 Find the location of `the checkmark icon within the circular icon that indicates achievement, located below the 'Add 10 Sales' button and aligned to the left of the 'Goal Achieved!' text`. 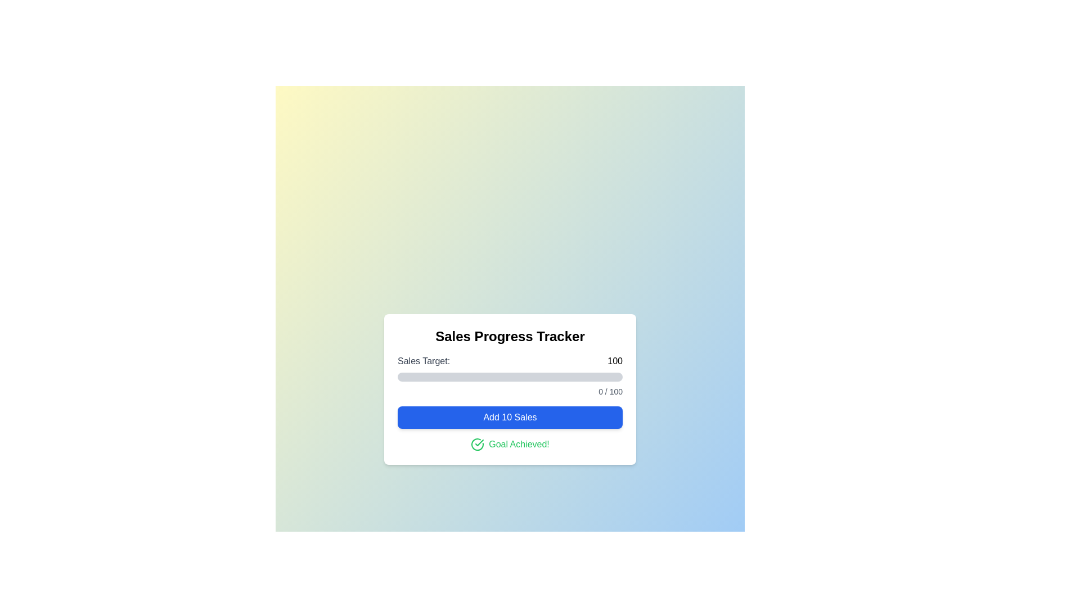

the checkmark icon within the circular icon that indicates achievement, located below the 'Add 10 Sales' button and aligned to the left of the 'Goal Achieved!' text is located at coordinates (479, 442).